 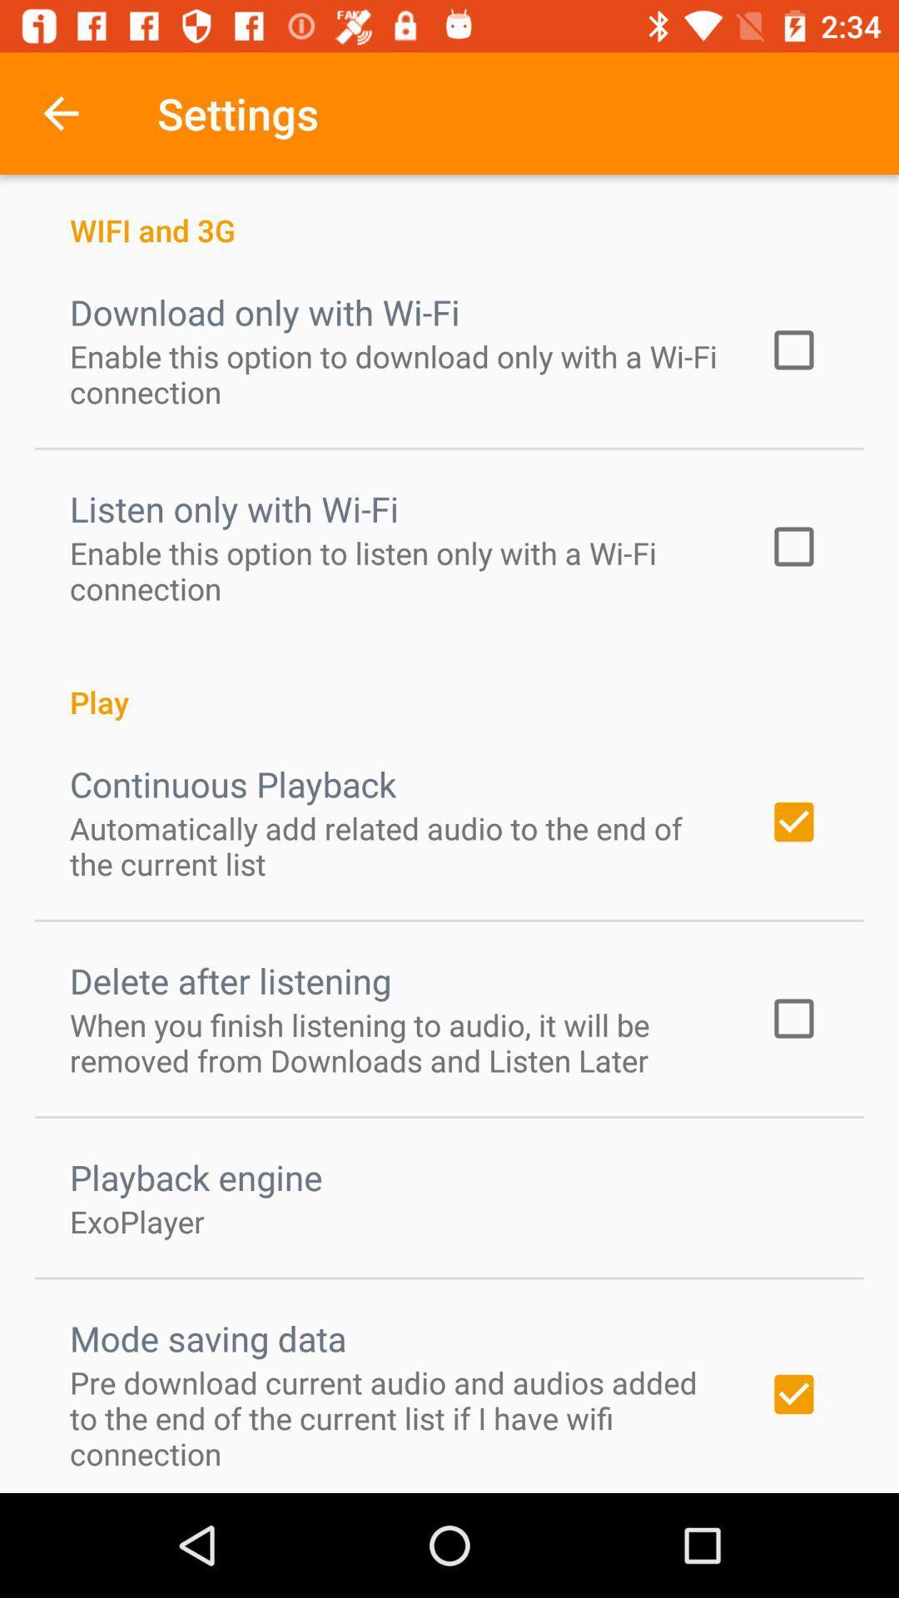 I want to click on delete after listening item, so click(x=231, y=980).